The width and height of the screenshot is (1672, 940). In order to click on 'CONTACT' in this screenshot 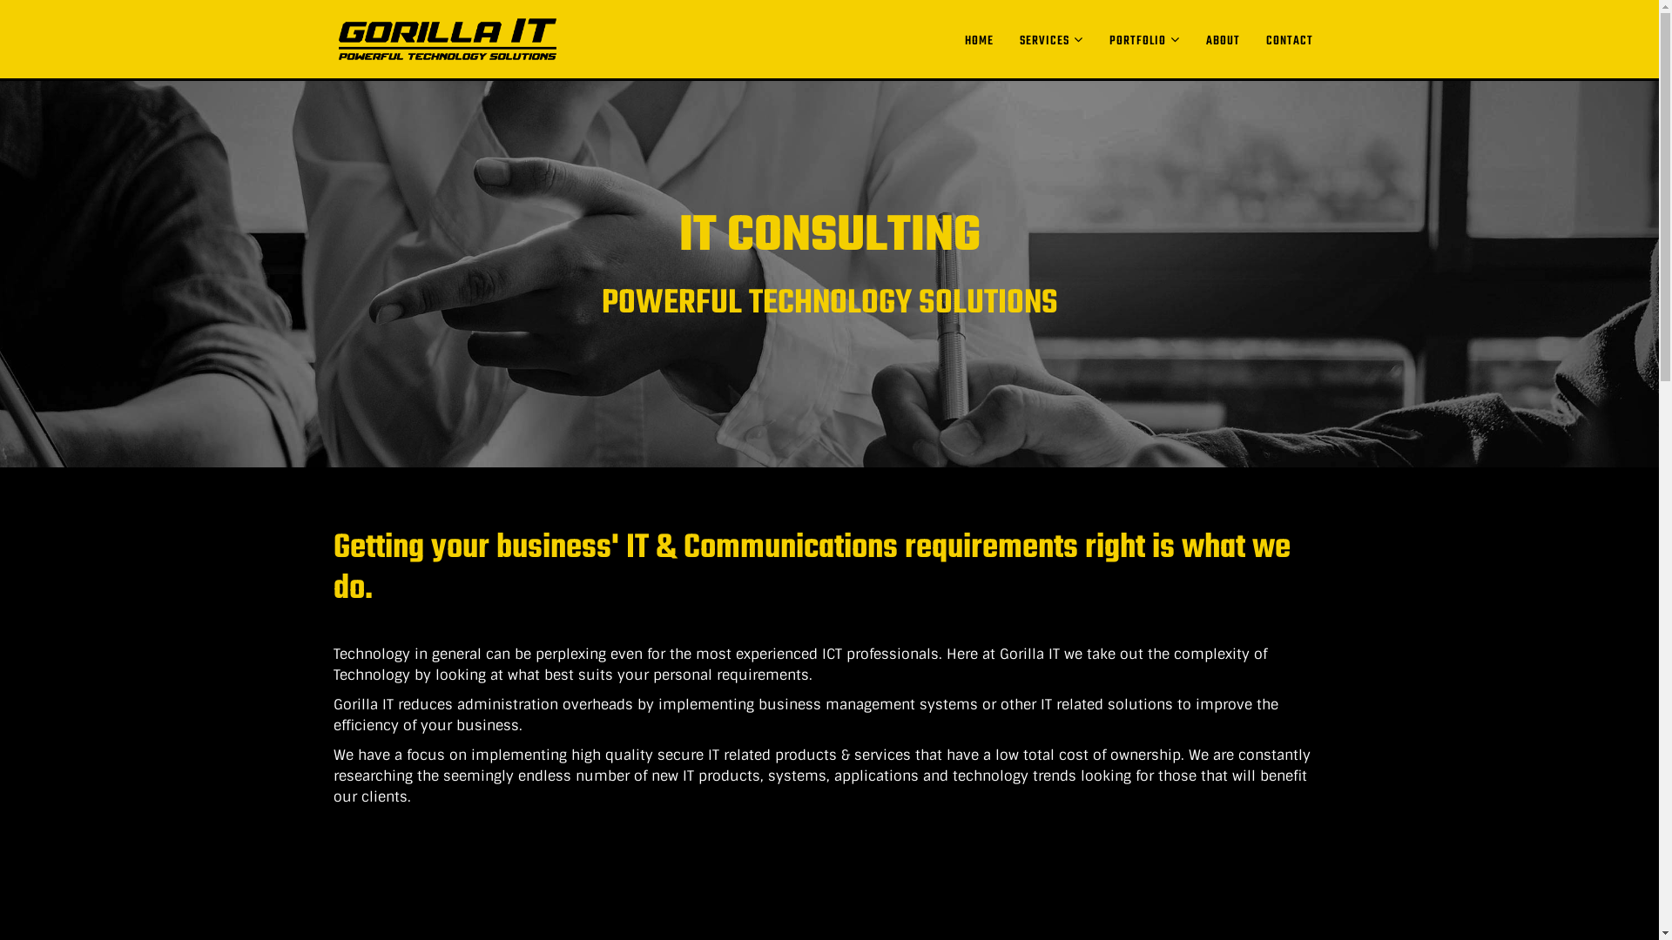, I will do `click(1251, 40)`.